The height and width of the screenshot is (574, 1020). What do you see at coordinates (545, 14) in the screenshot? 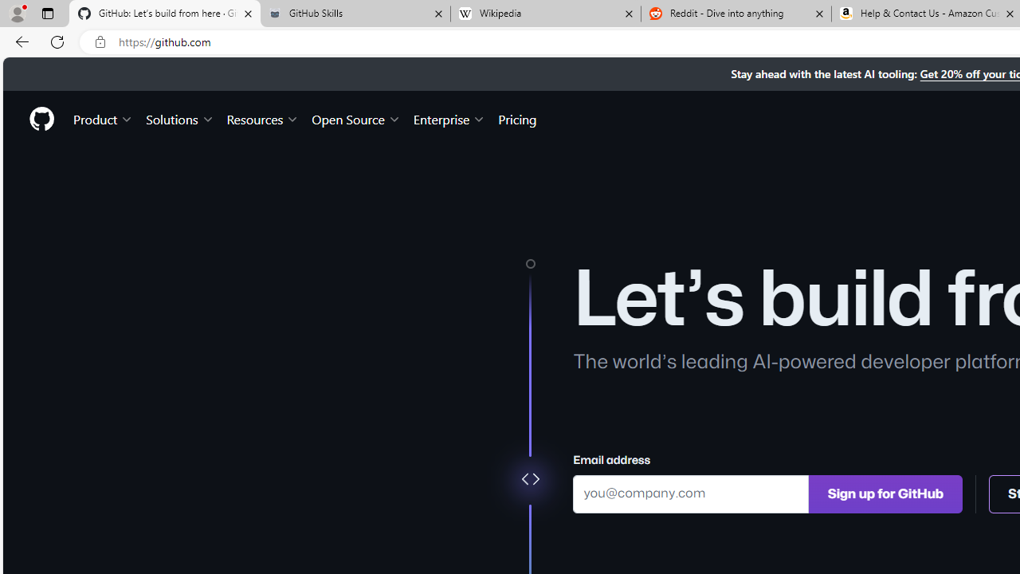
I see `'Wikipedia'` at bounding box center [545, 14].